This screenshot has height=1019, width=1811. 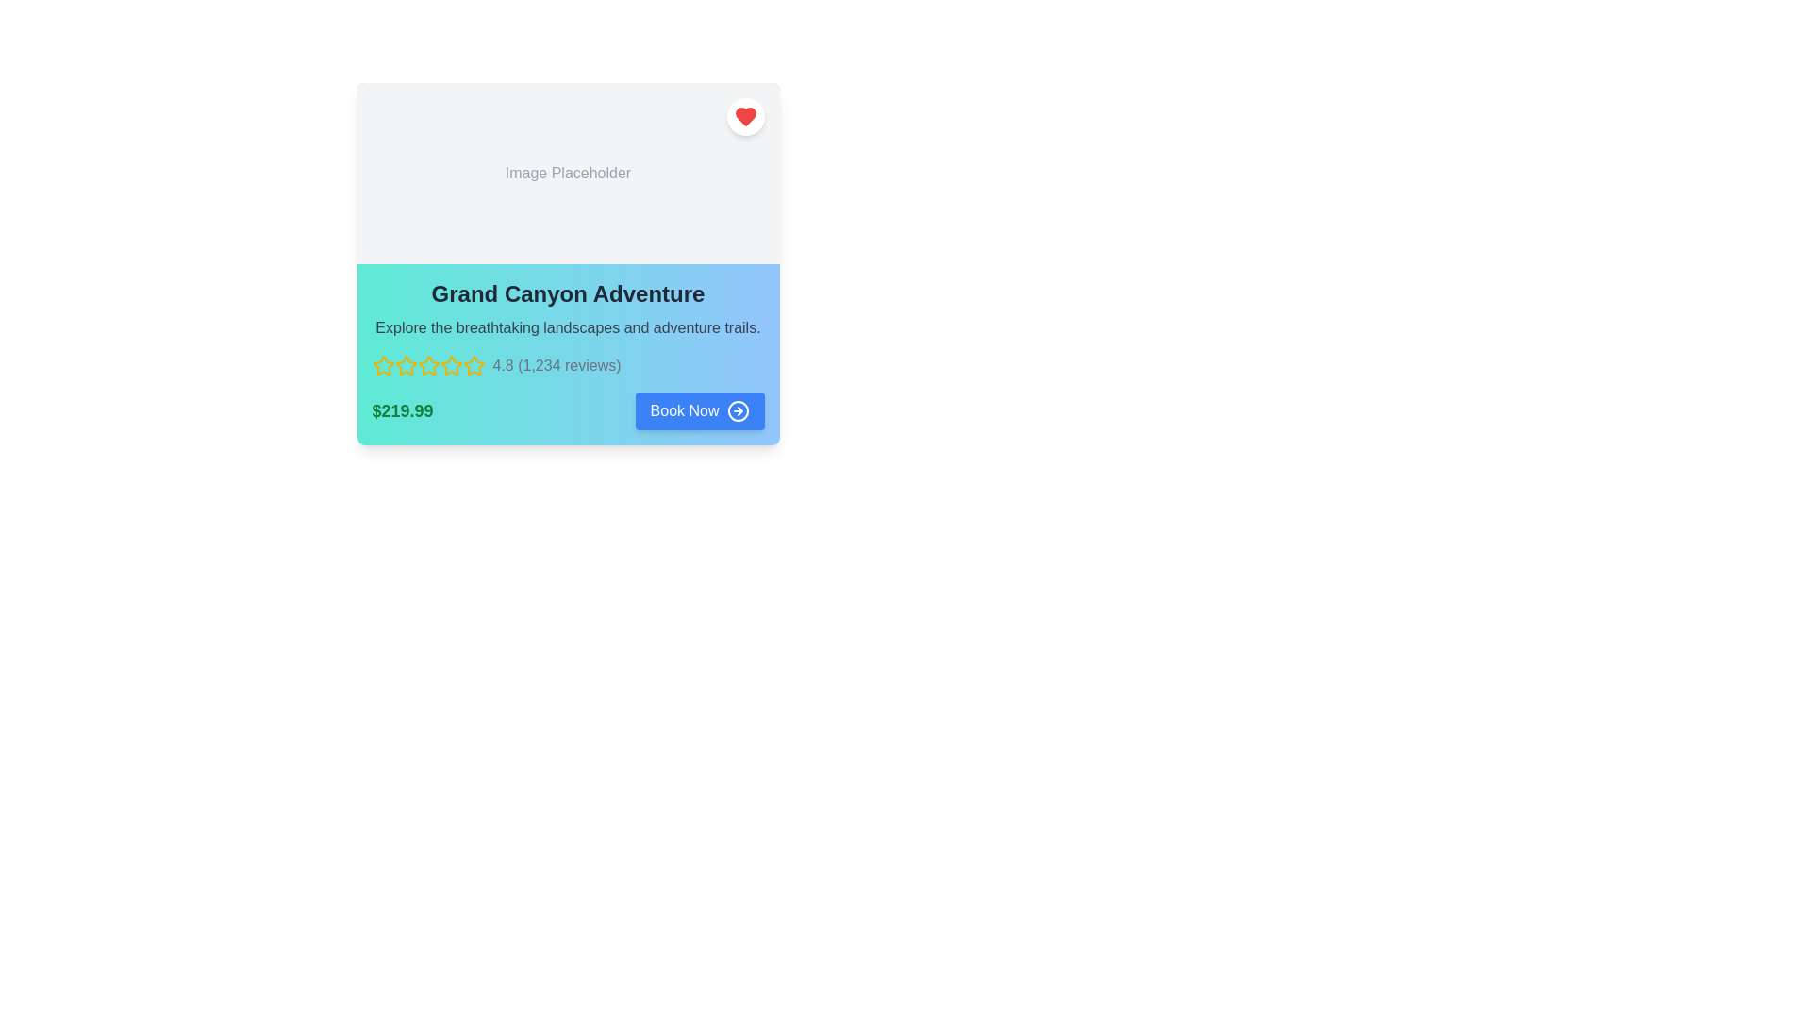 What do you see at coordinates (699, 409) in the screenshot?
I see `the 'Book Now' button with a blue background and white text to initiate the booking process for the 'Grand Canyon Adventure' tour` at bounding box center [699, 409].